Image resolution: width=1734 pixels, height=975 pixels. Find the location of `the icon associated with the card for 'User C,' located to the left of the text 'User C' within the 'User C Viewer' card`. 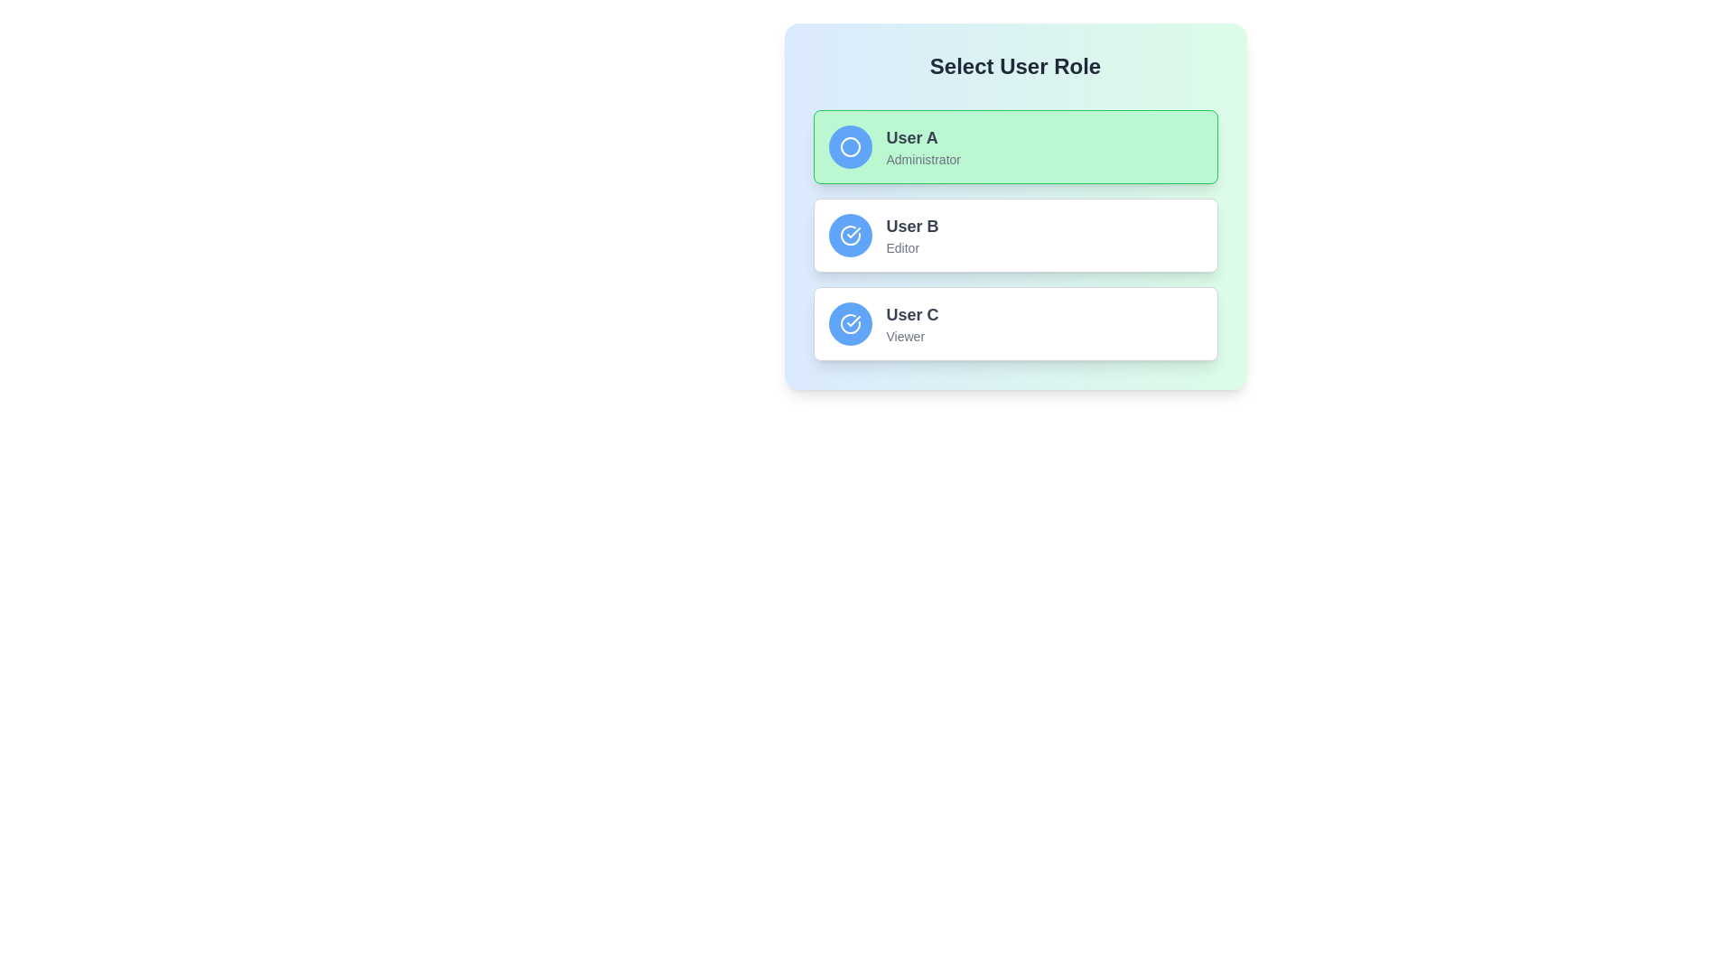

the icon associated with the card for 'User C,' located to the left of the text 'User C' within the 'User C Viewer' card is located at coordinates (849, 322).